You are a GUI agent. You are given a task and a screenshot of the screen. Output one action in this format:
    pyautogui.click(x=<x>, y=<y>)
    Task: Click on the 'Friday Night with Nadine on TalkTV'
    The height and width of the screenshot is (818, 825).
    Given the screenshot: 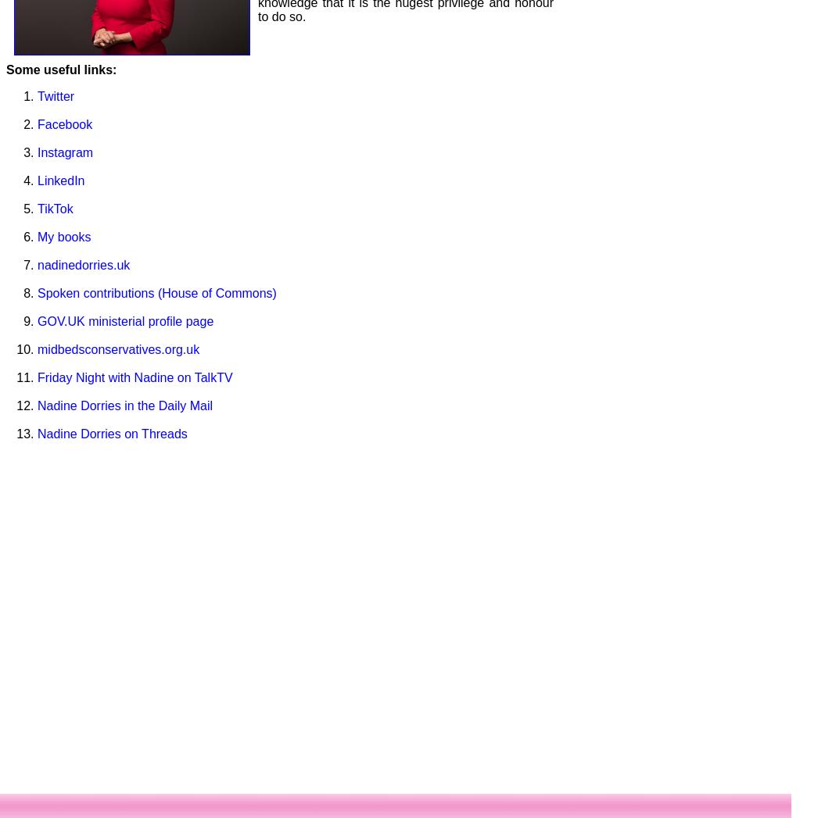 What is the action you would take?
    pyautogui.click(x=135, y=376)
    